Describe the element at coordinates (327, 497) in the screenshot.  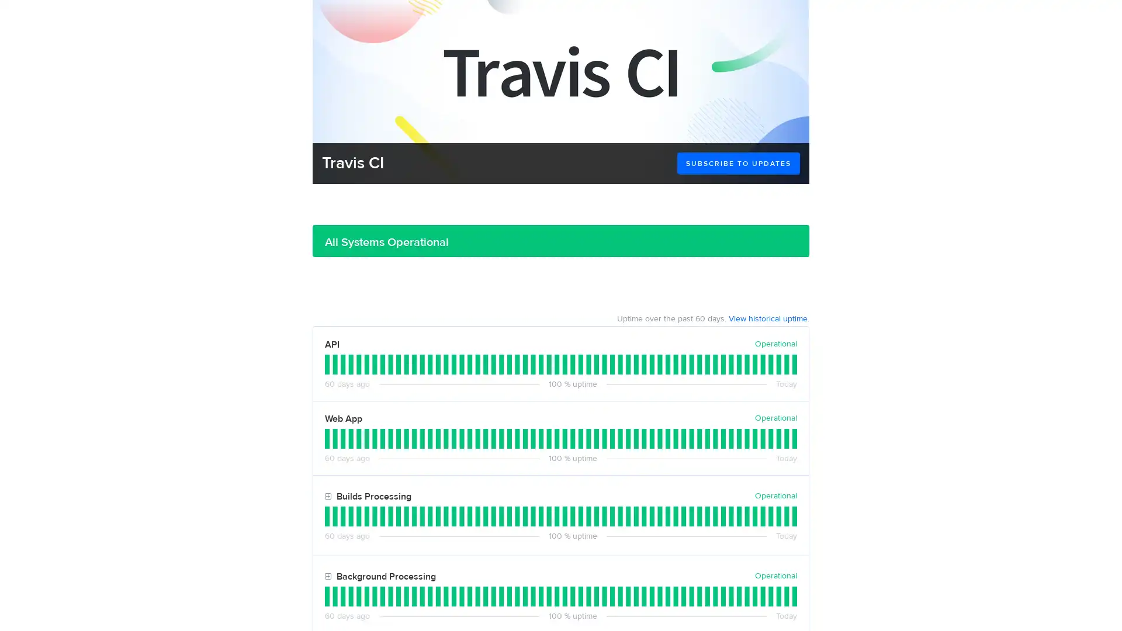
I see `Toggle Builds Processing` at that location.